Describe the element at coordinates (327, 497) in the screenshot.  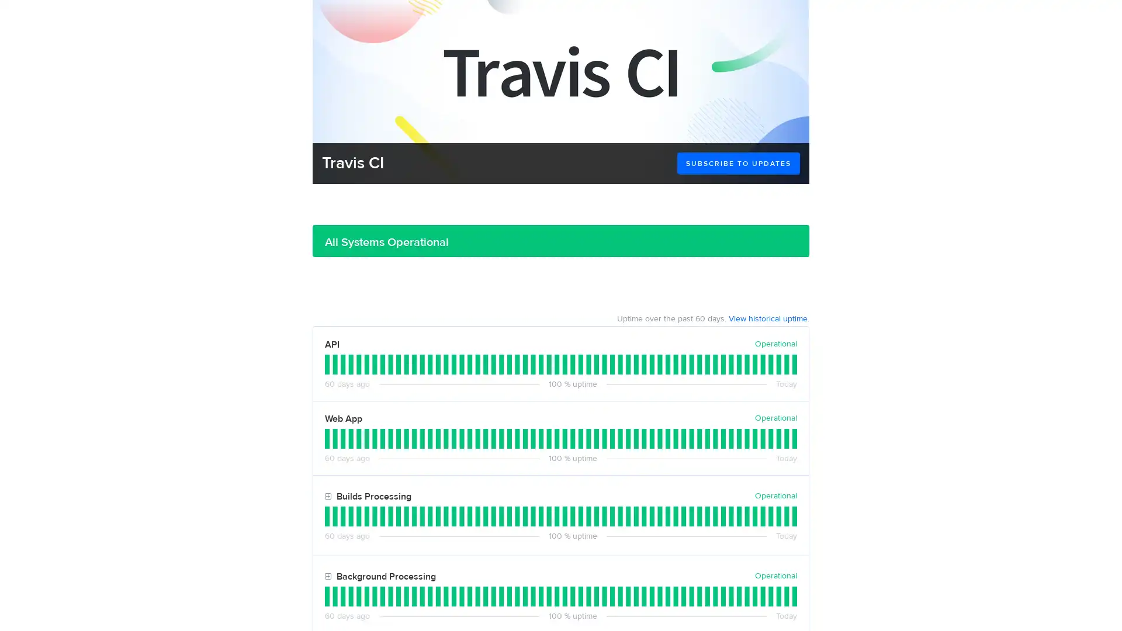
I see `Toggle Builds Processing` at that location.